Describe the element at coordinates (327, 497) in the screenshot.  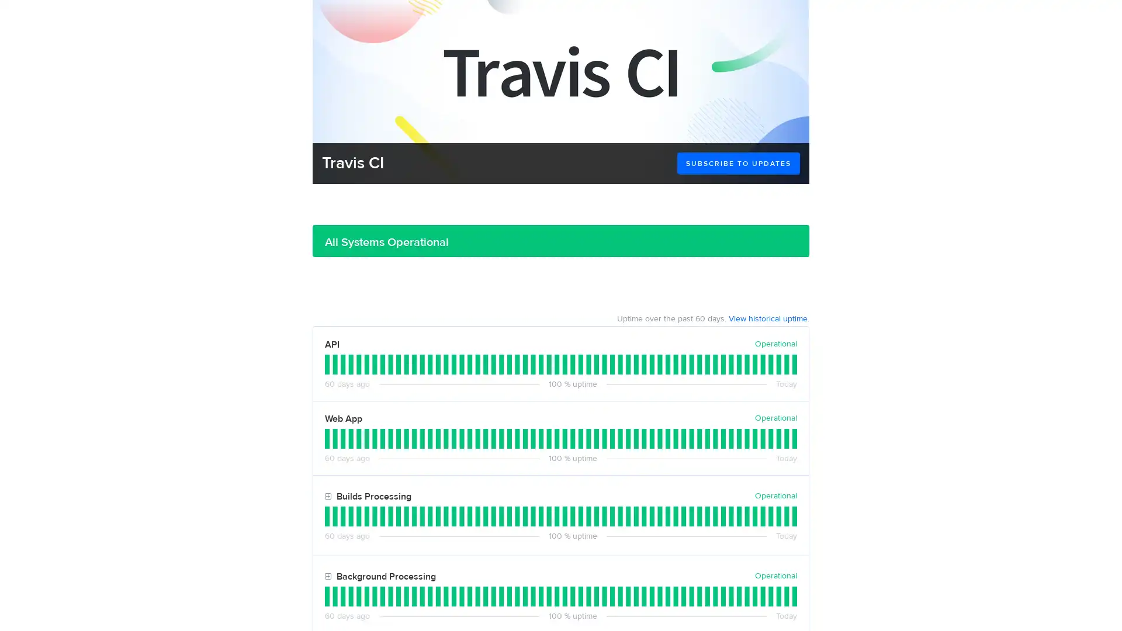
I see `Toggle Builds Processing` at that location.